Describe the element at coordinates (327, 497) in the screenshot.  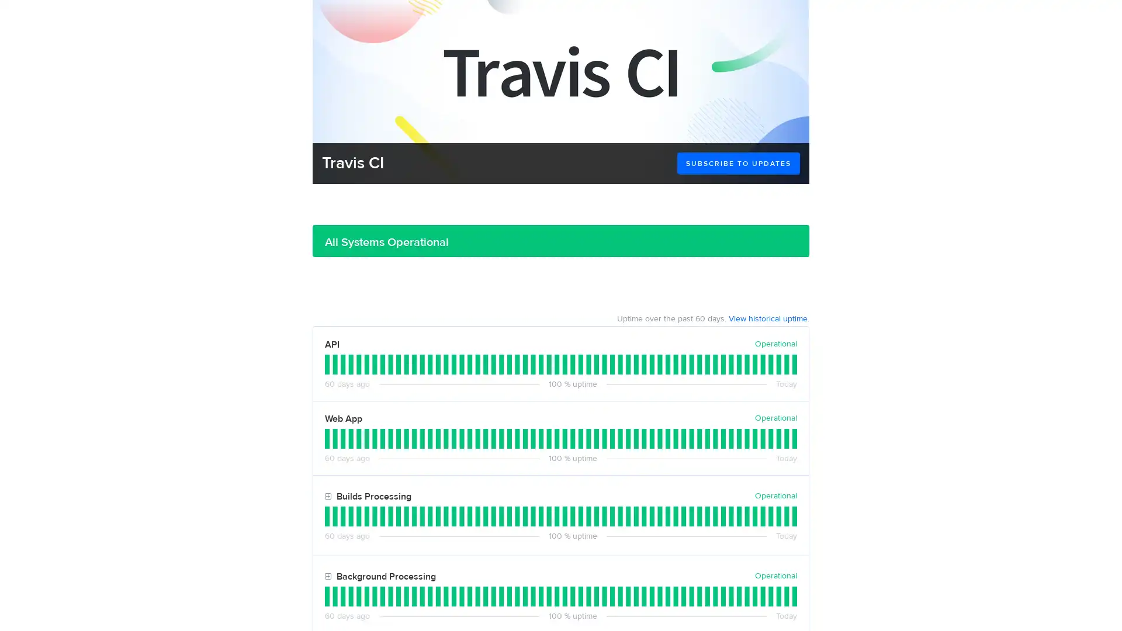
I see `Toggle Builds Processing` at that location.